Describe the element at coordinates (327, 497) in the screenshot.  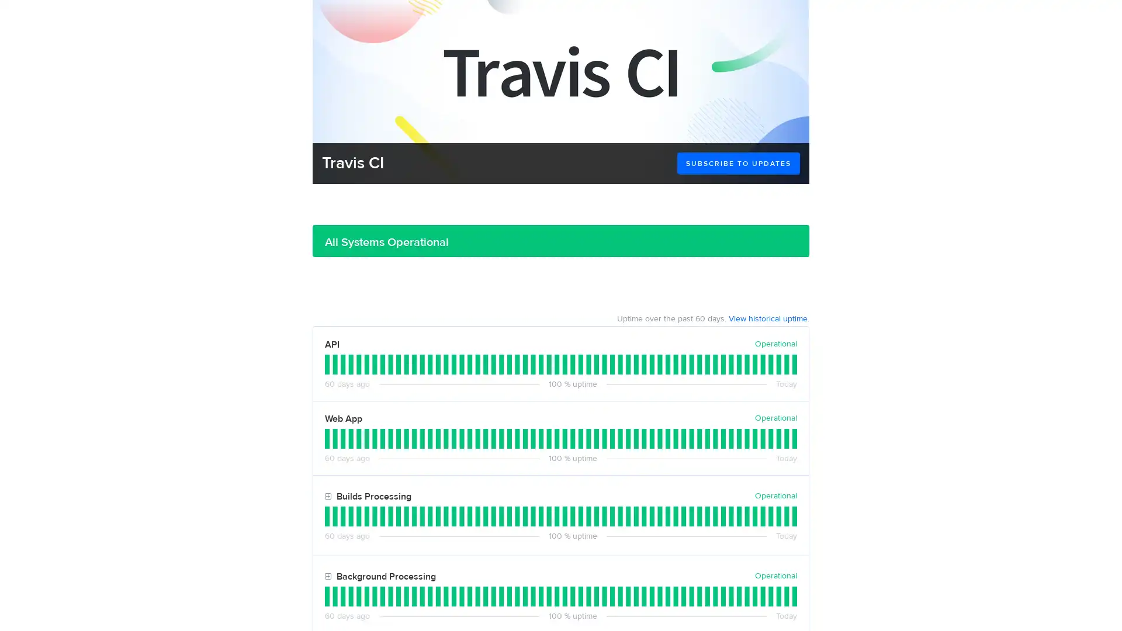
I see `Toggle Builds Processing` at that location.